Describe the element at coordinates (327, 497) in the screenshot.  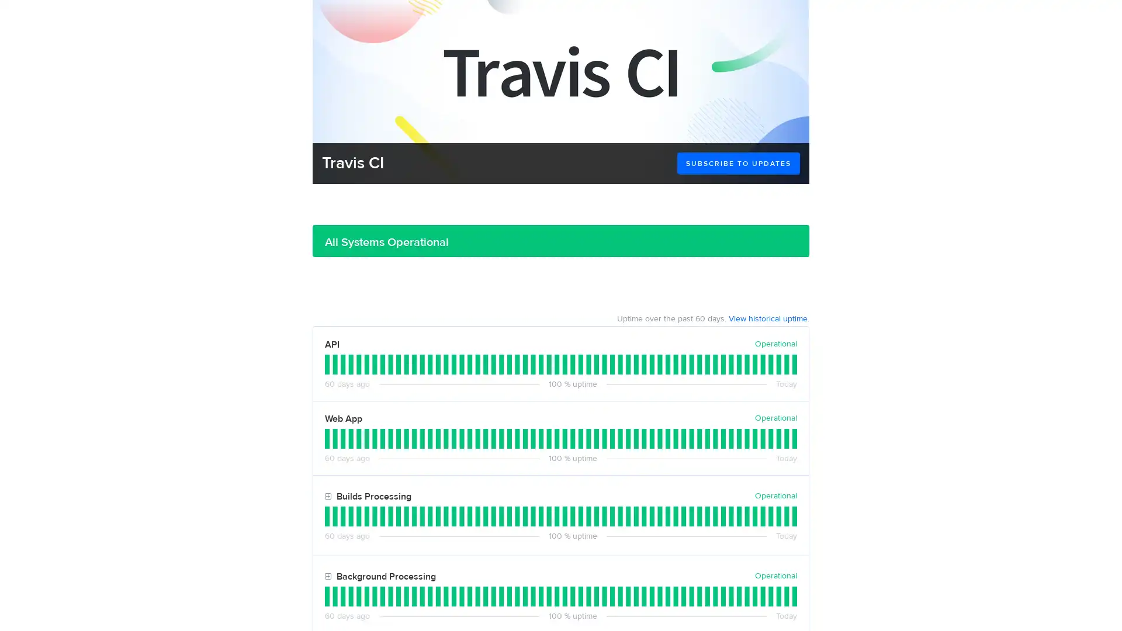
I see `Toggle Builds Processing` at that location.